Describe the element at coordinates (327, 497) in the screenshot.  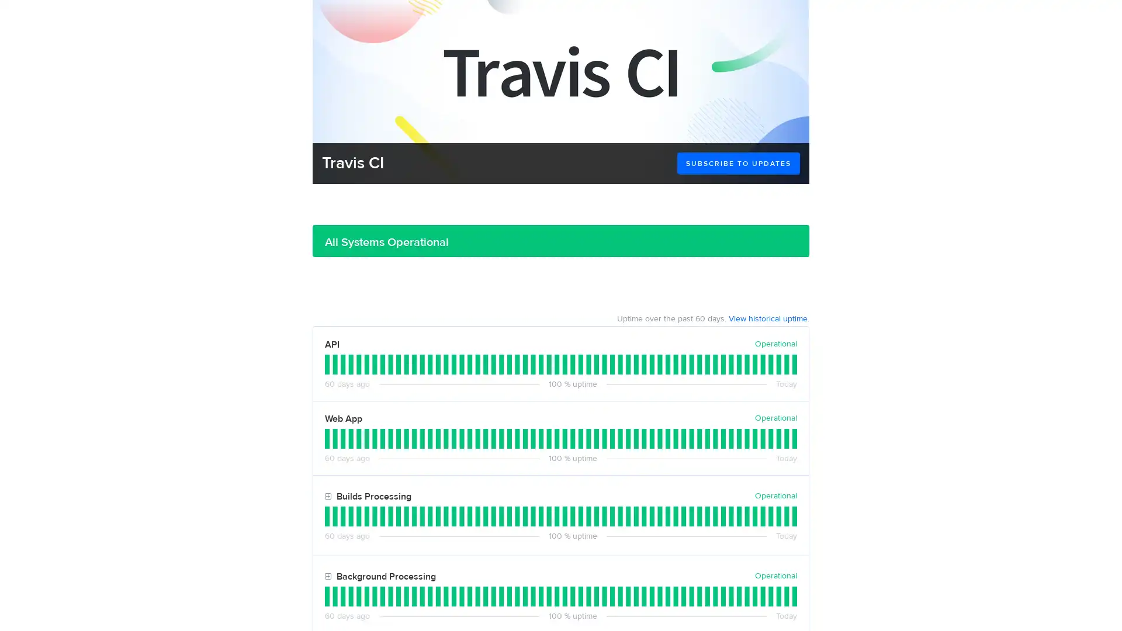
I see `Toggle Builds Processing` at that location.